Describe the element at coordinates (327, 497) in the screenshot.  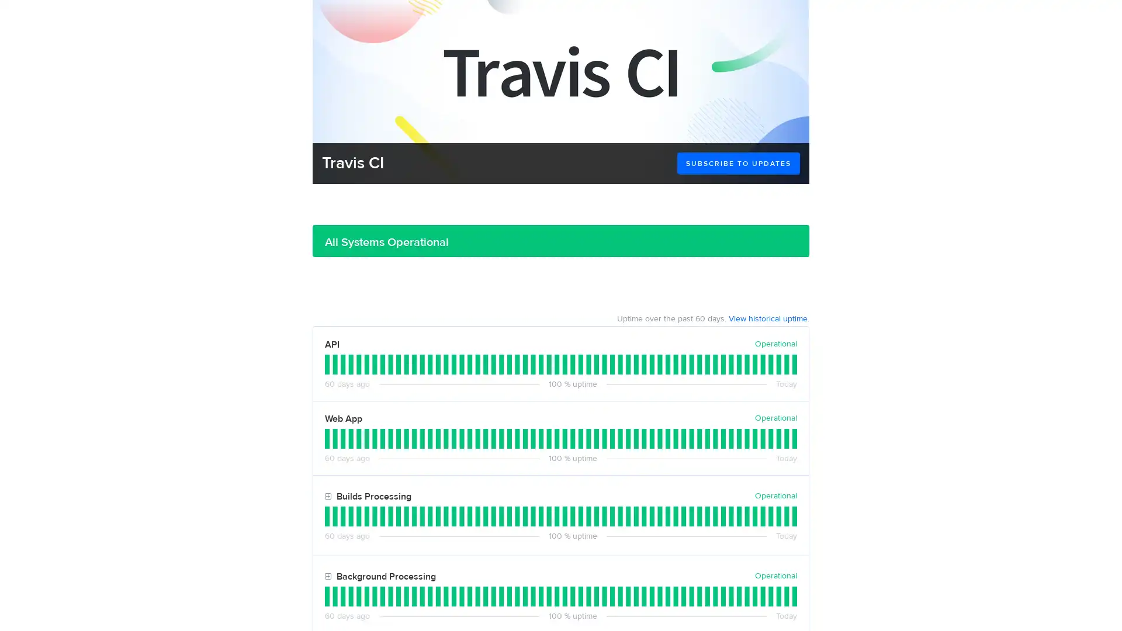
I see `Toggle Builds Processing` at that location.